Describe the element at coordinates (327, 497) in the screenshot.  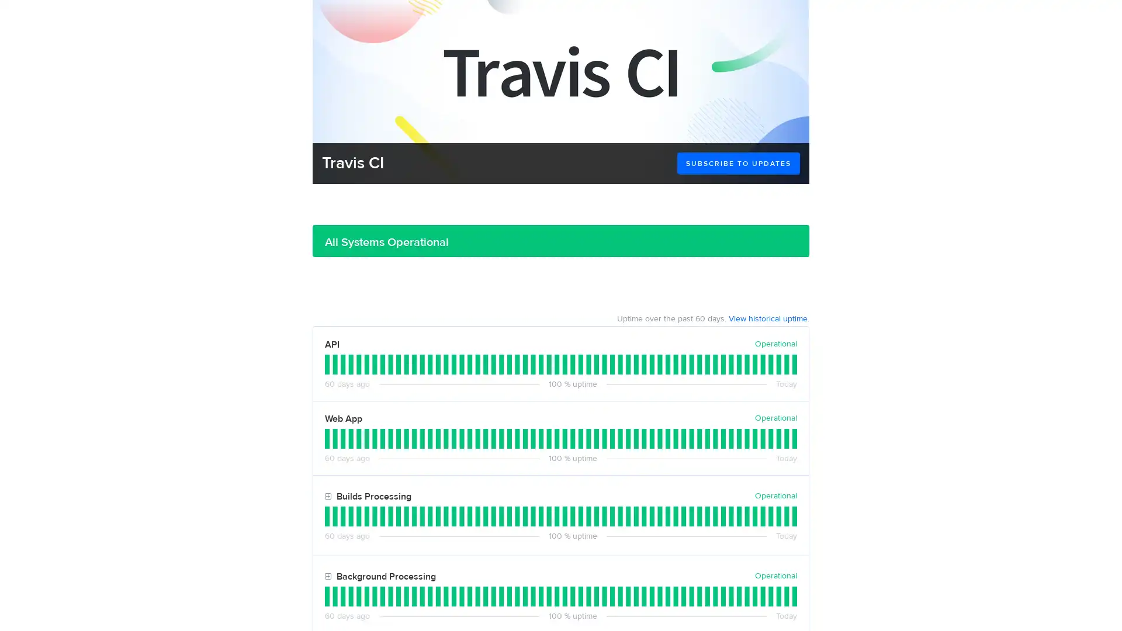
I see `Toggle Builds Processing` at that location.